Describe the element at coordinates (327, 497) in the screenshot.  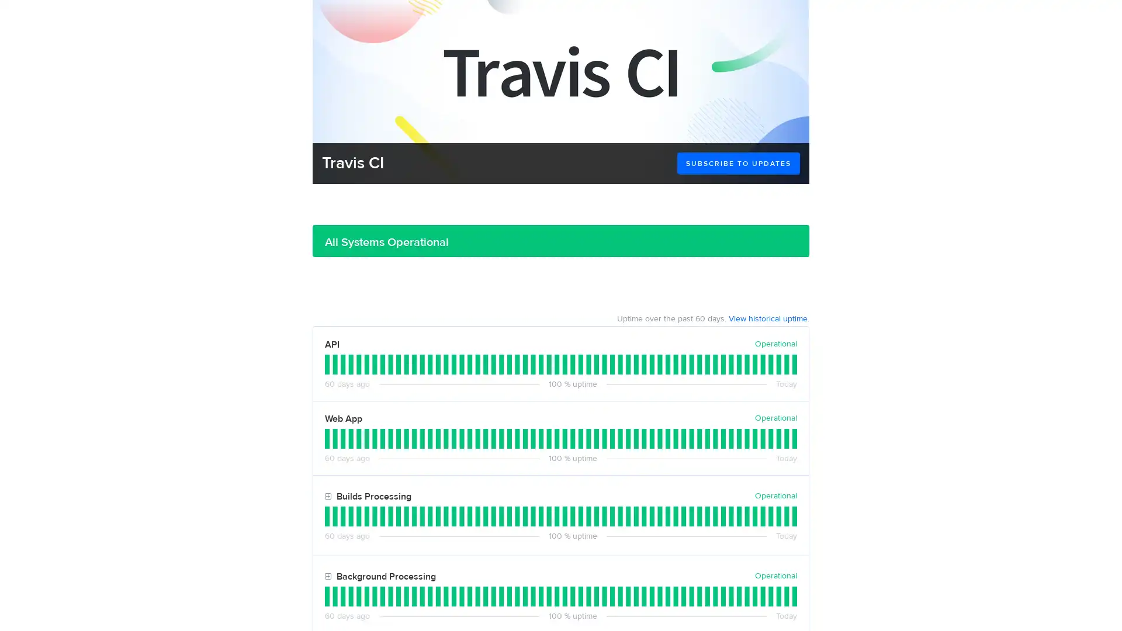
I see `Toggle Builds Processing` at that location.